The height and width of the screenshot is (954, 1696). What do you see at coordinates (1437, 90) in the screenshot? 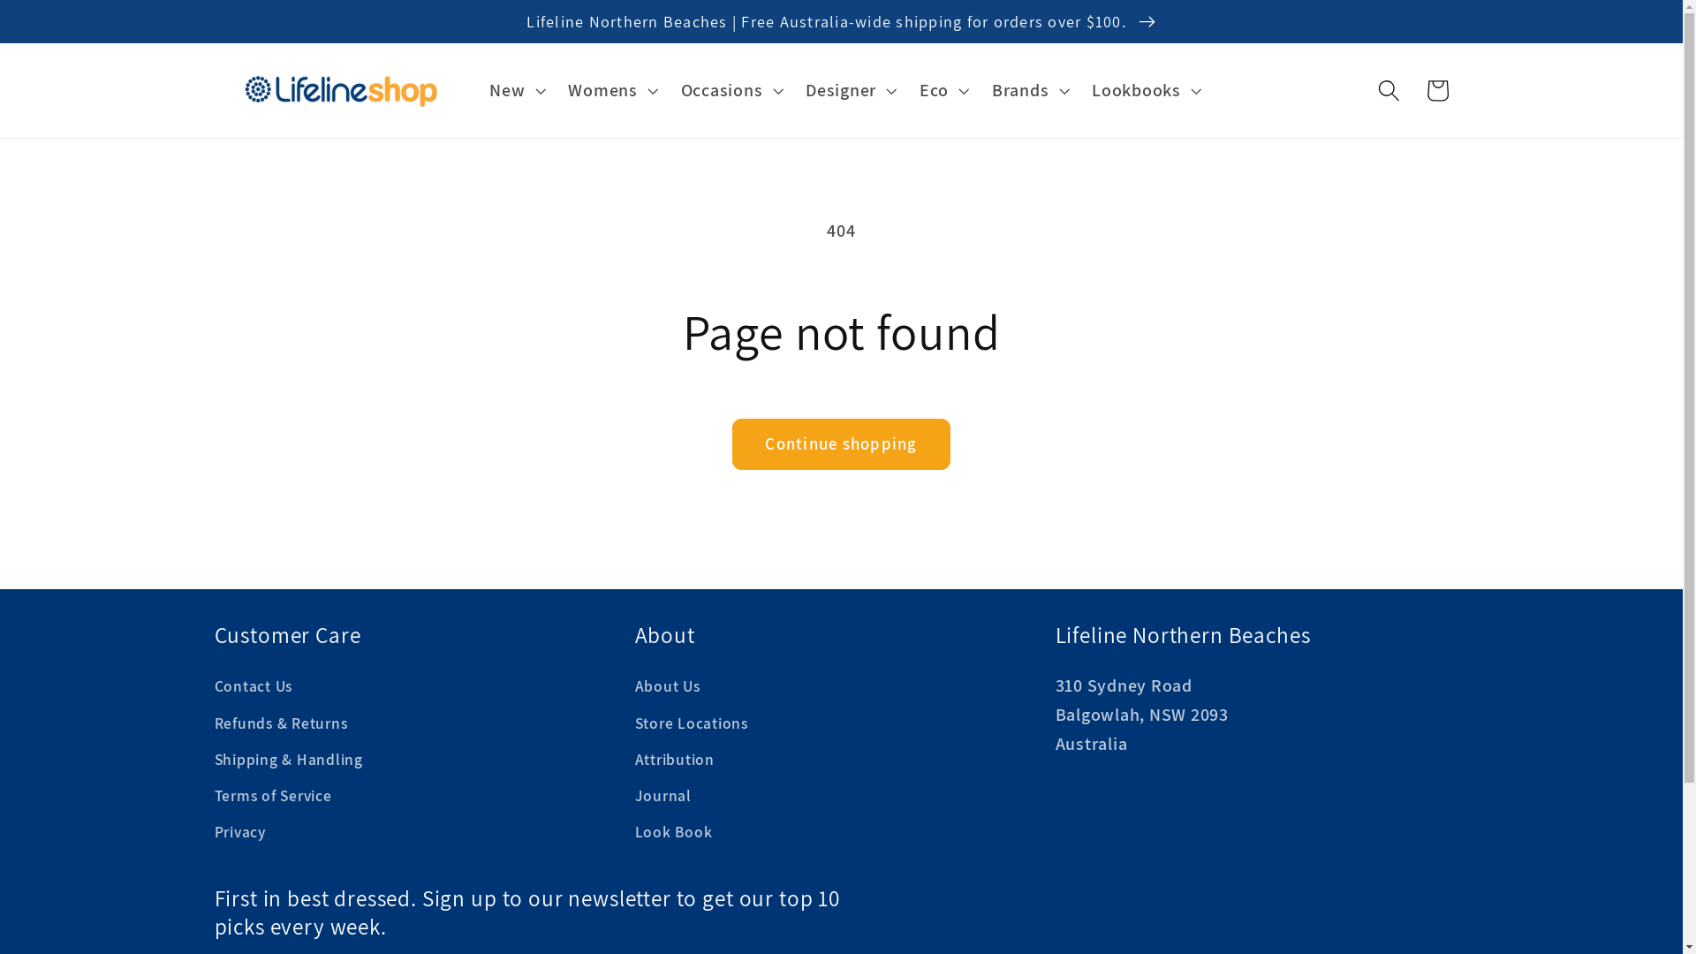
I see `'Cart'` at bounding box center [1437, 90].